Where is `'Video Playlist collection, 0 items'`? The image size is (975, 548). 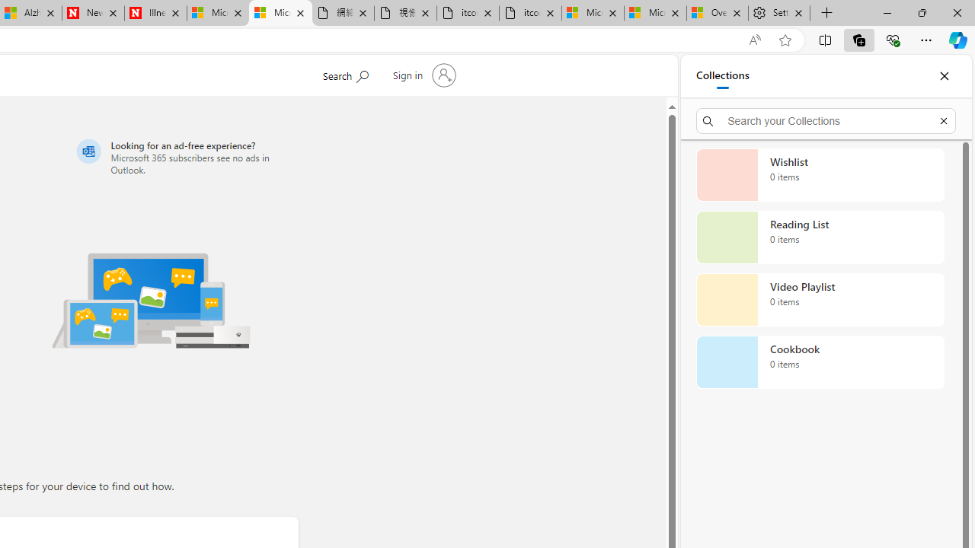 'Video Playlist collection, 0 items' is located at coordinates (820, 300).